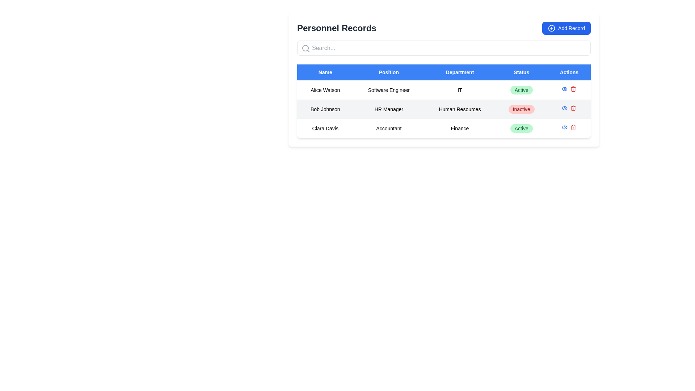 The image size is (695, 391). What do you see at coordinates (551, 28) in the screenshot?
I see `the decorative circle element that is part of the SVG, located to the left of the 'Add Record' button` at bounding box center [551, 28].